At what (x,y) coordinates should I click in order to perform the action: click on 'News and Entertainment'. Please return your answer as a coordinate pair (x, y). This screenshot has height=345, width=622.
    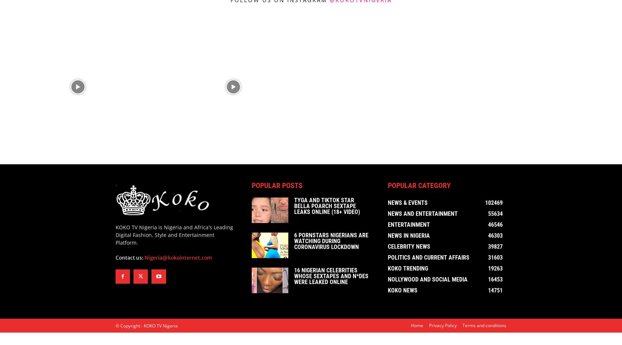
    Looking at the image, I should click on (423, 215).